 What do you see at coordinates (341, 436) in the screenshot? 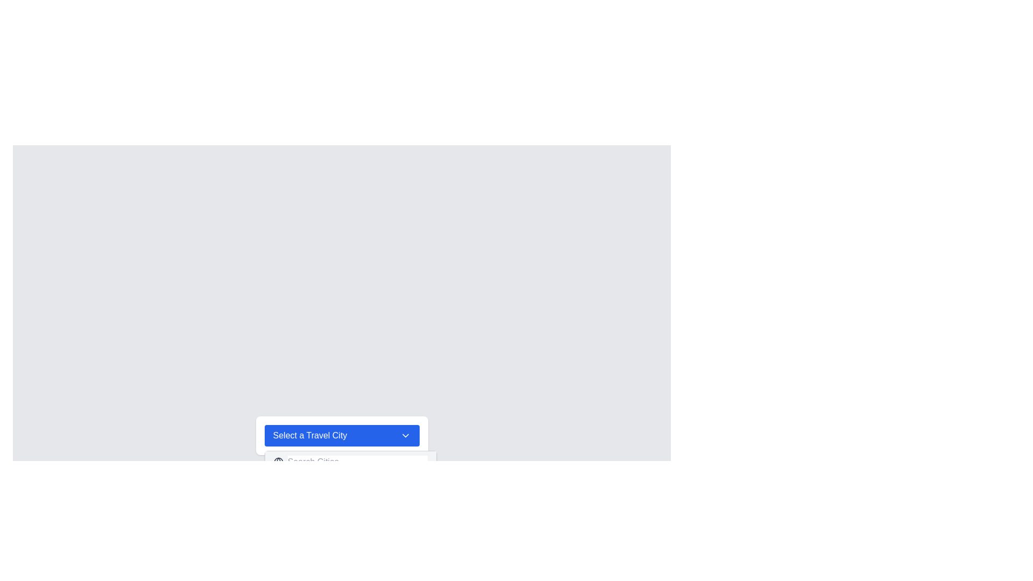
I see `the rectangular blue dropdown button that reads 'Select a Travel City'` at bounding box center [341, 436].